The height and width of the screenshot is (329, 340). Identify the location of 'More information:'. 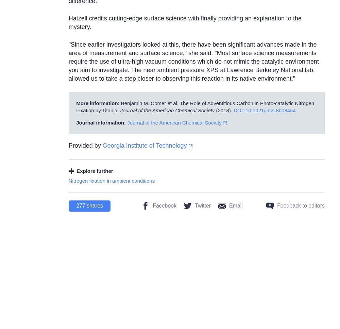
(98, 103).